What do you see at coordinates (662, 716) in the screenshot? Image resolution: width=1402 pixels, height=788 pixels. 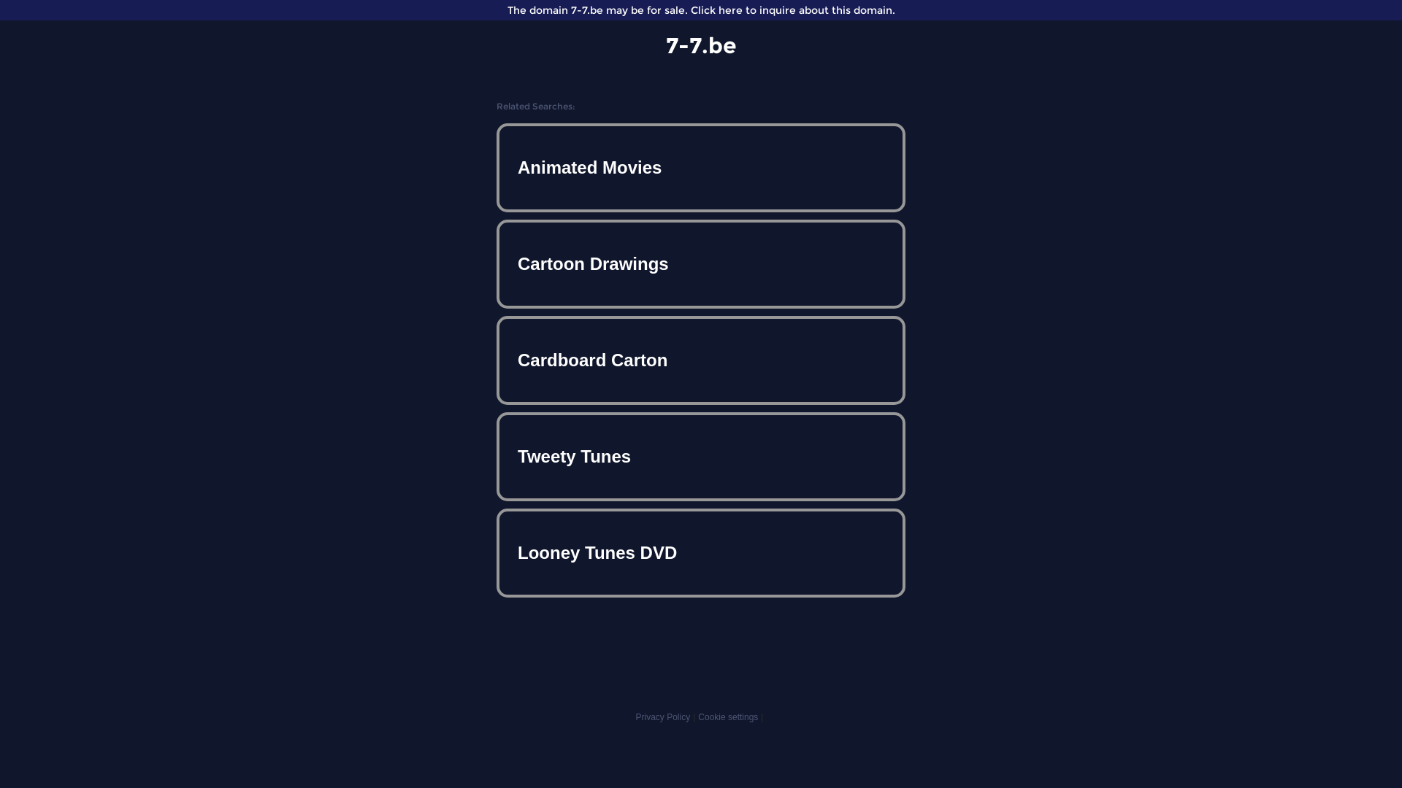 I see `'Privacy Policy'` at bounding box center [662, 716].